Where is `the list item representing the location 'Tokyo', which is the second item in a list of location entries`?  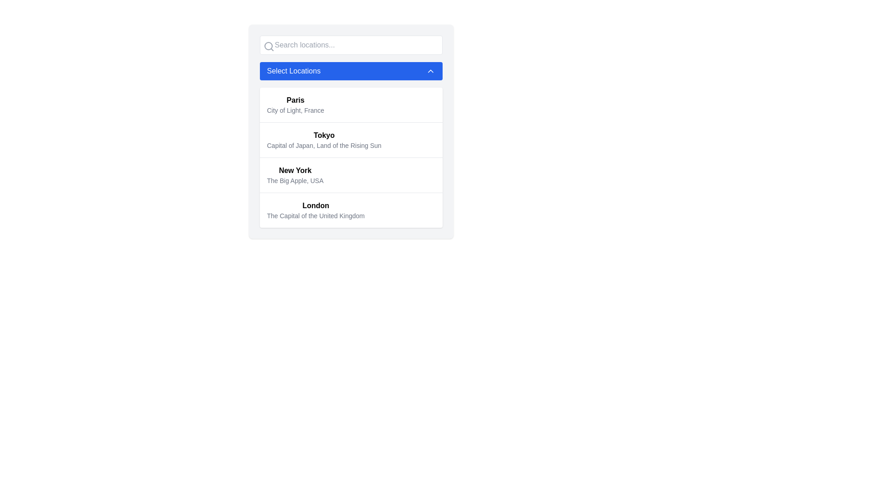 the list item representing the location 'Tokyo', which is the second item in a list of location entries is located at coordinates (324, 140).